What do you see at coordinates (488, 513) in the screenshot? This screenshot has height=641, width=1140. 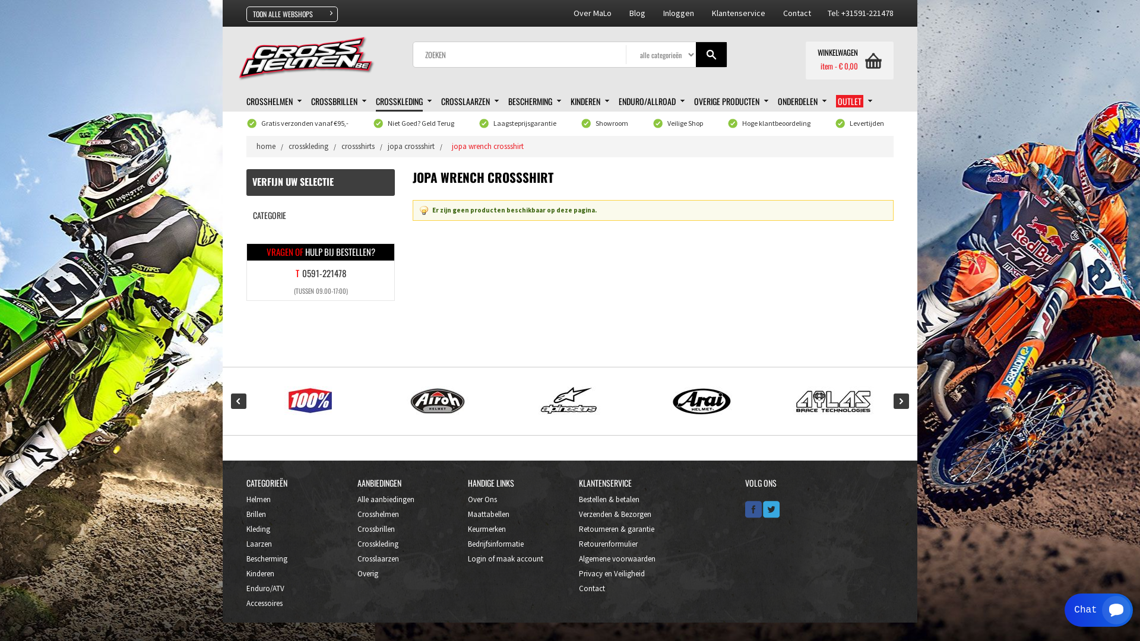 I see `'Maattabellen'` at bounding box center [488, 513].